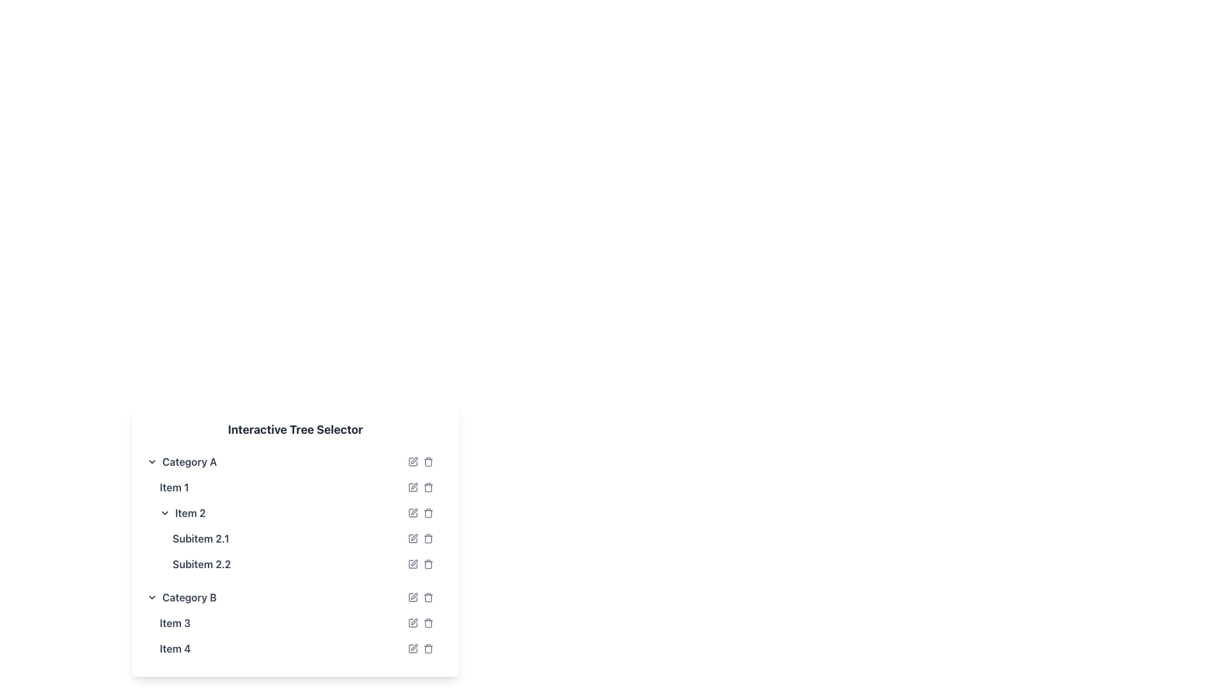 This screenshot has height=691, width=1228. I want to click on the trash icon button styled as an SVG graphic, located under the 'Subitem 2.2' entry, so click(429, 564).